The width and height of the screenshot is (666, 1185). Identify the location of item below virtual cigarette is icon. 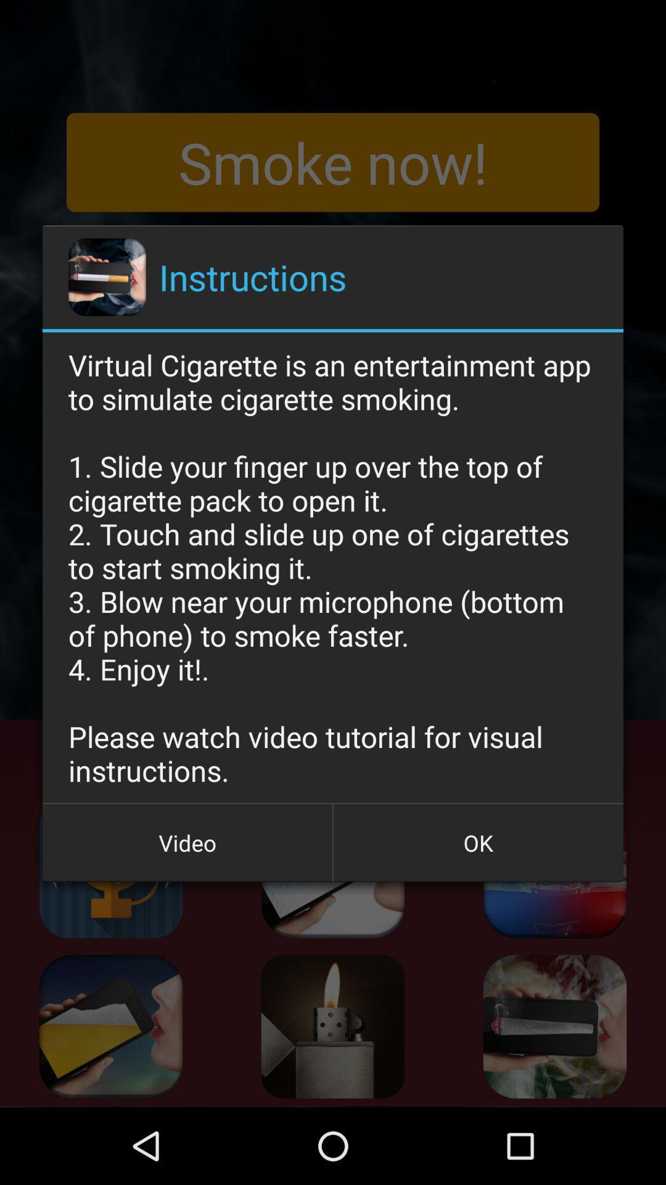
(477, 842).